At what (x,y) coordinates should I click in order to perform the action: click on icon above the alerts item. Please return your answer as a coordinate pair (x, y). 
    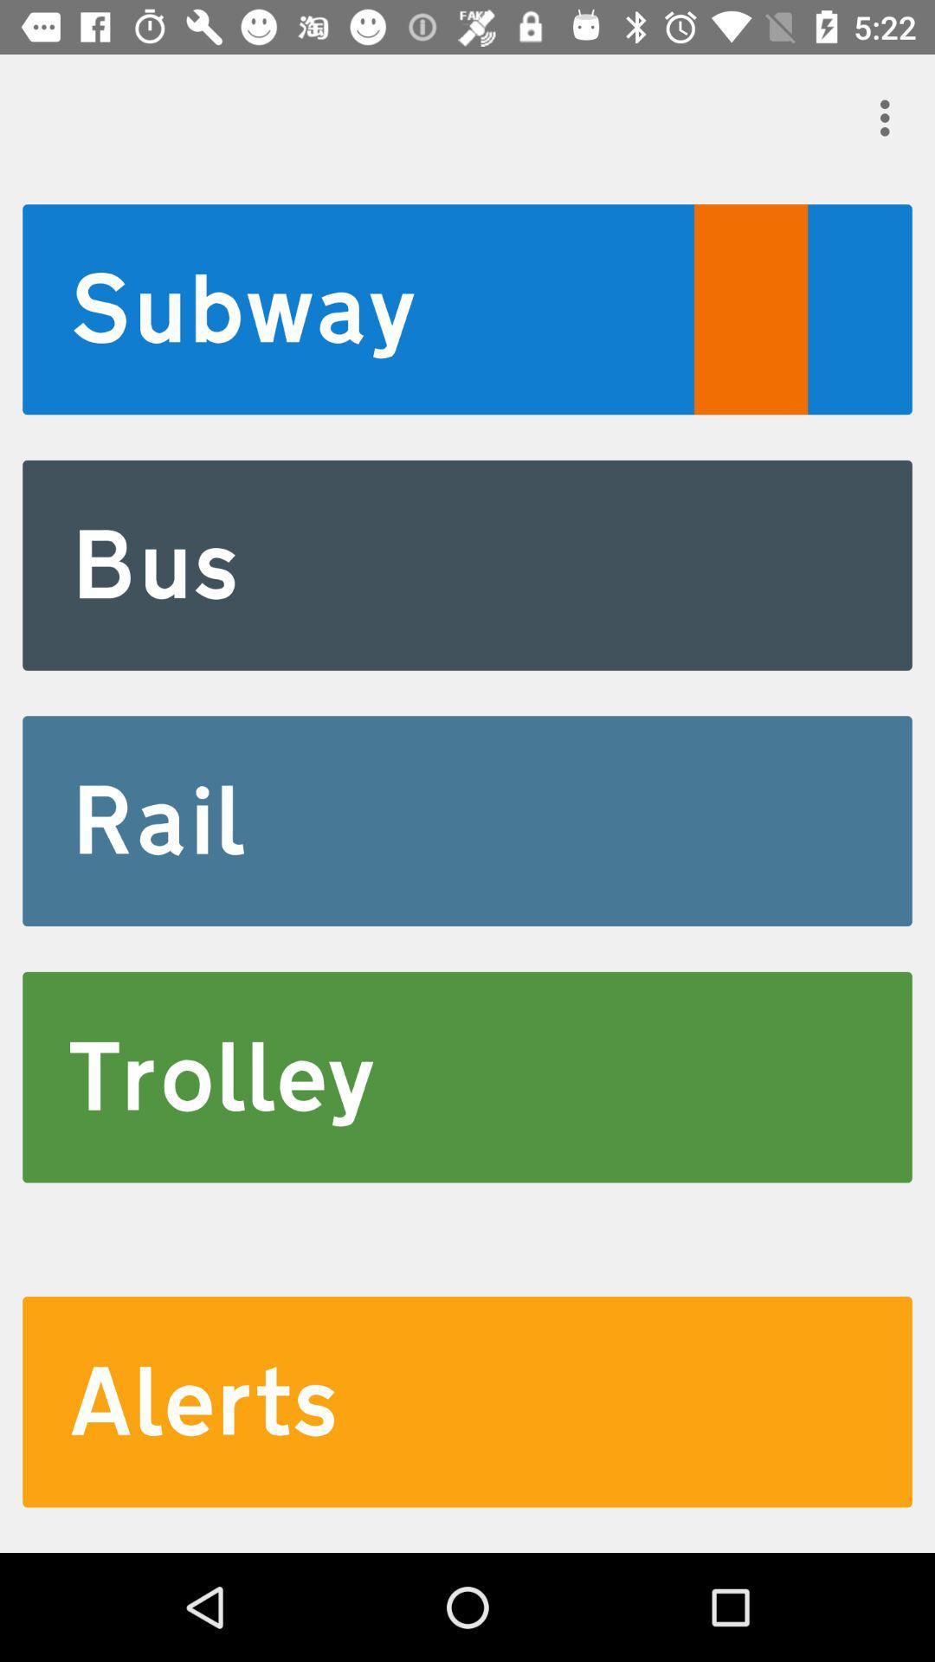
    Looking at the image, I should click on (467, 1076).